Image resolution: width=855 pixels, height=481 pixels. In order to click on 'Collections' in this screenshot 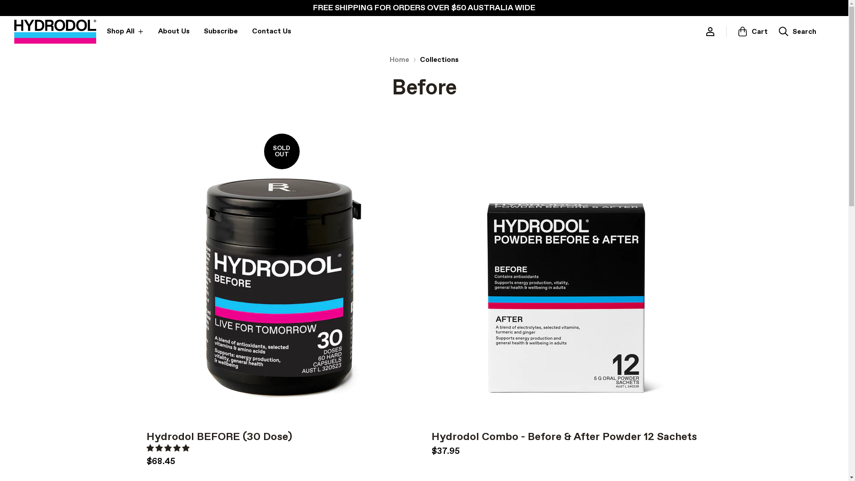, I will do `click(439, 60)`.